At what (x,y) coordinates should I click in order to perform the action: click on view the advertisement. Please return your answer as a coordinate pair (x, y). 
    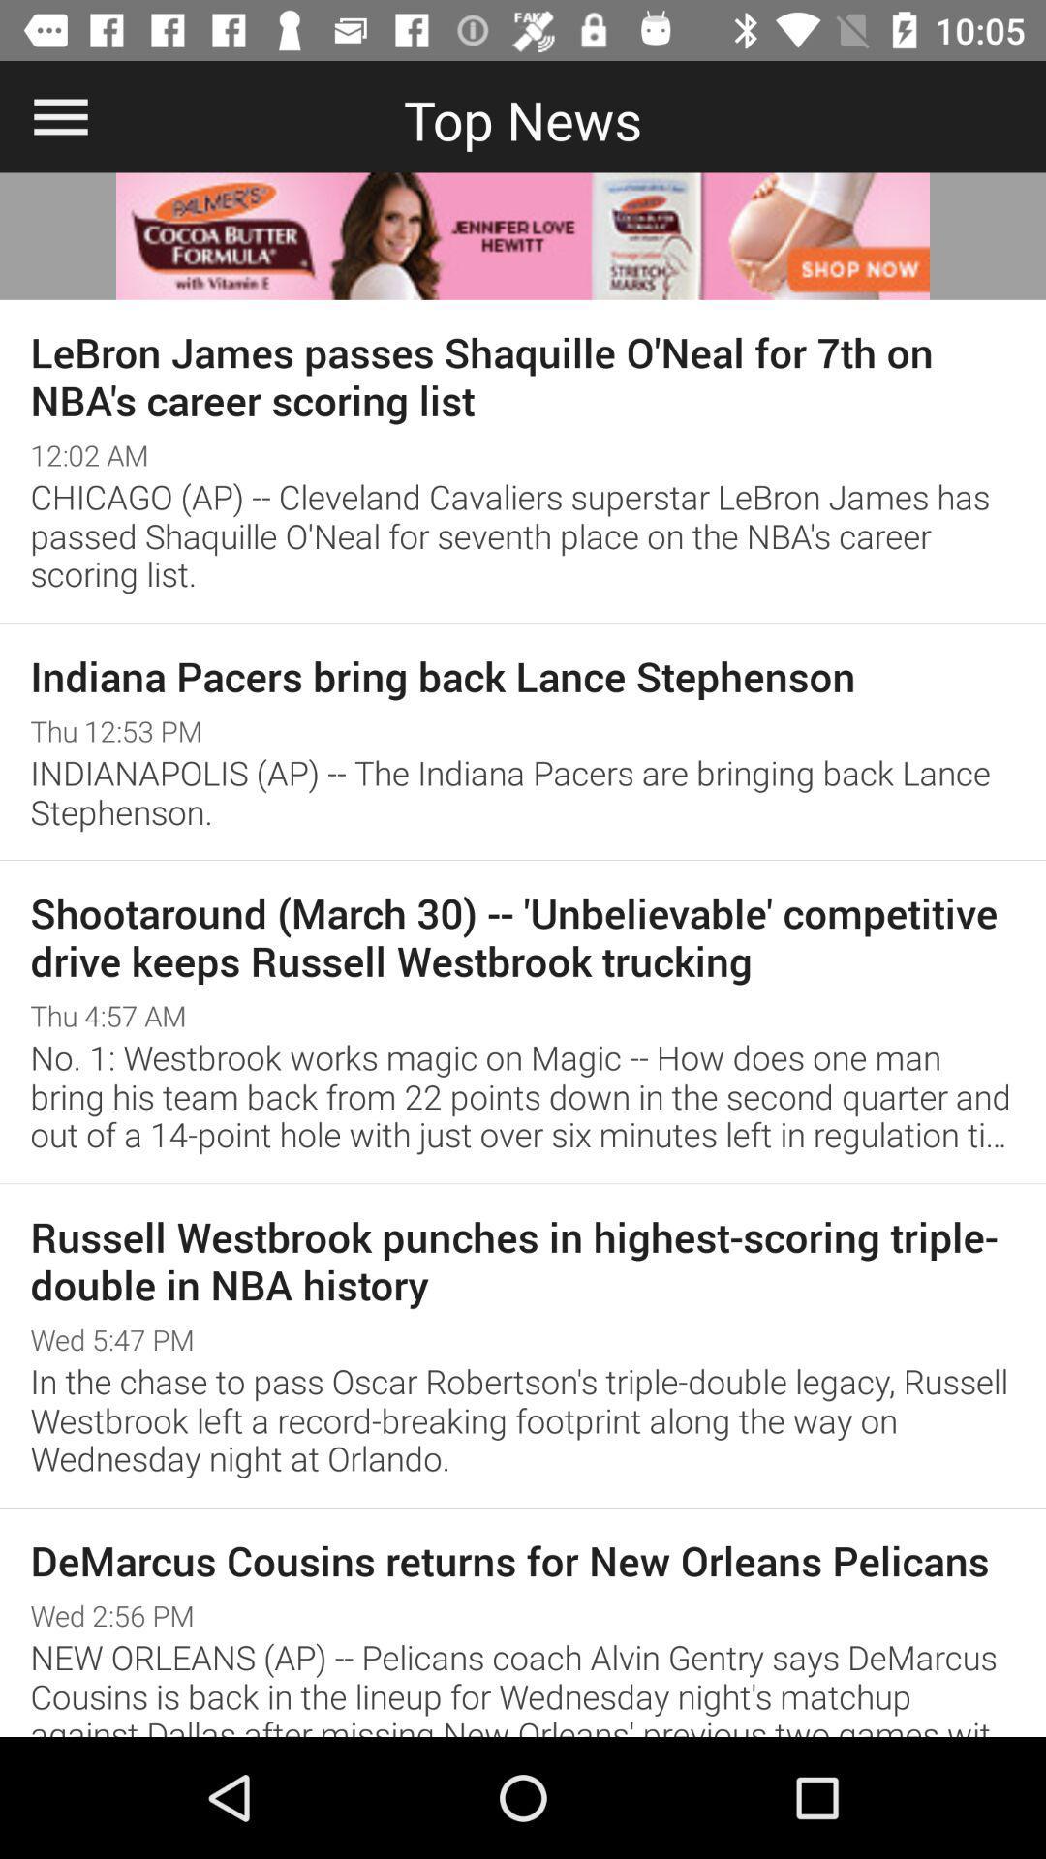
    Looking at the image, I should click on (523, 235).